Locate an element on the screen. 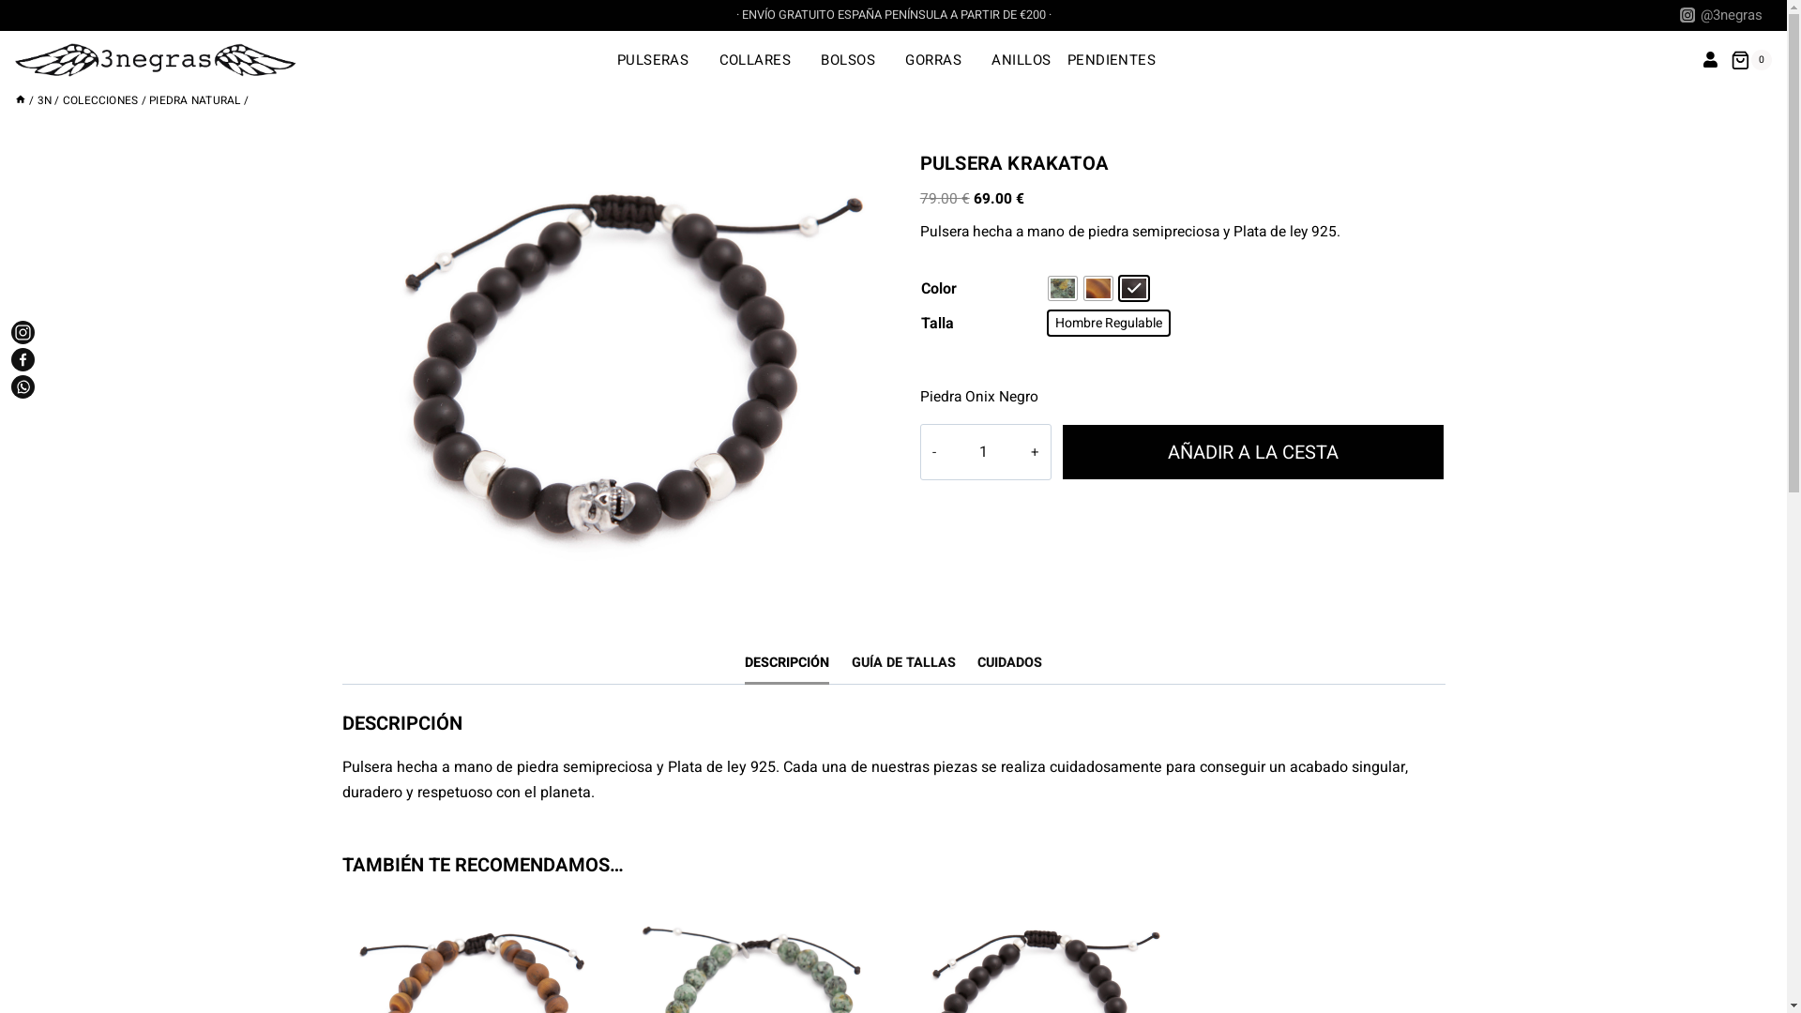 The image size is (1801, 1013). 'ANILLOS' is located at coordinates (1021, 59).